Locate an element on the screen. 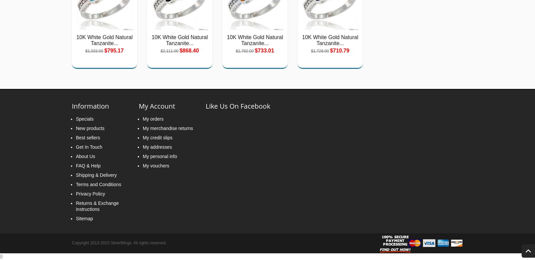 This screenshot has width=535, height=260. 'My vouchers' is located at coordinates (155, 165).